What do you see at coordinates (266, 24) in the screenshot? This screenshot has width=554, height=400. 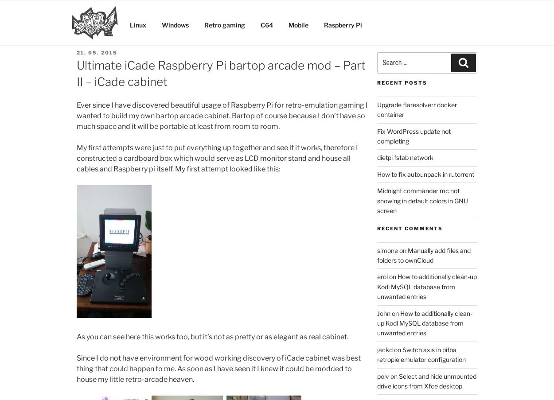 I see `'C64'` at bounding box center [266, 24].